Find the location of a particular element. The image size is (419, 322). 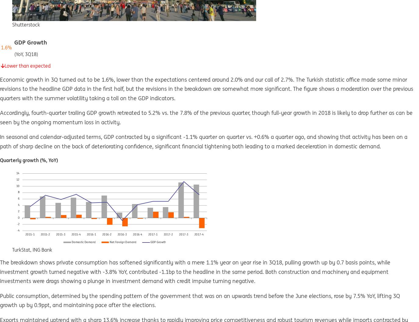

'Accordingly, fourth-quarter trailing GDP growth retreated to 5.2% vs. the 7.8% of the previous quarter, though full-year growth in 2018 is likely to drop further as can be seen by the ongoing momentum loss in activity.' is located at coordinates (206, 117).